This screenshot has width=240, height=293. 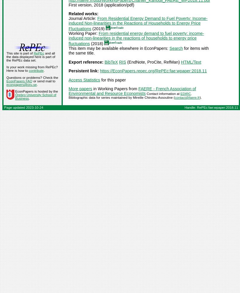 I want to click on 'This site is part of', so click(x=20, y=53).